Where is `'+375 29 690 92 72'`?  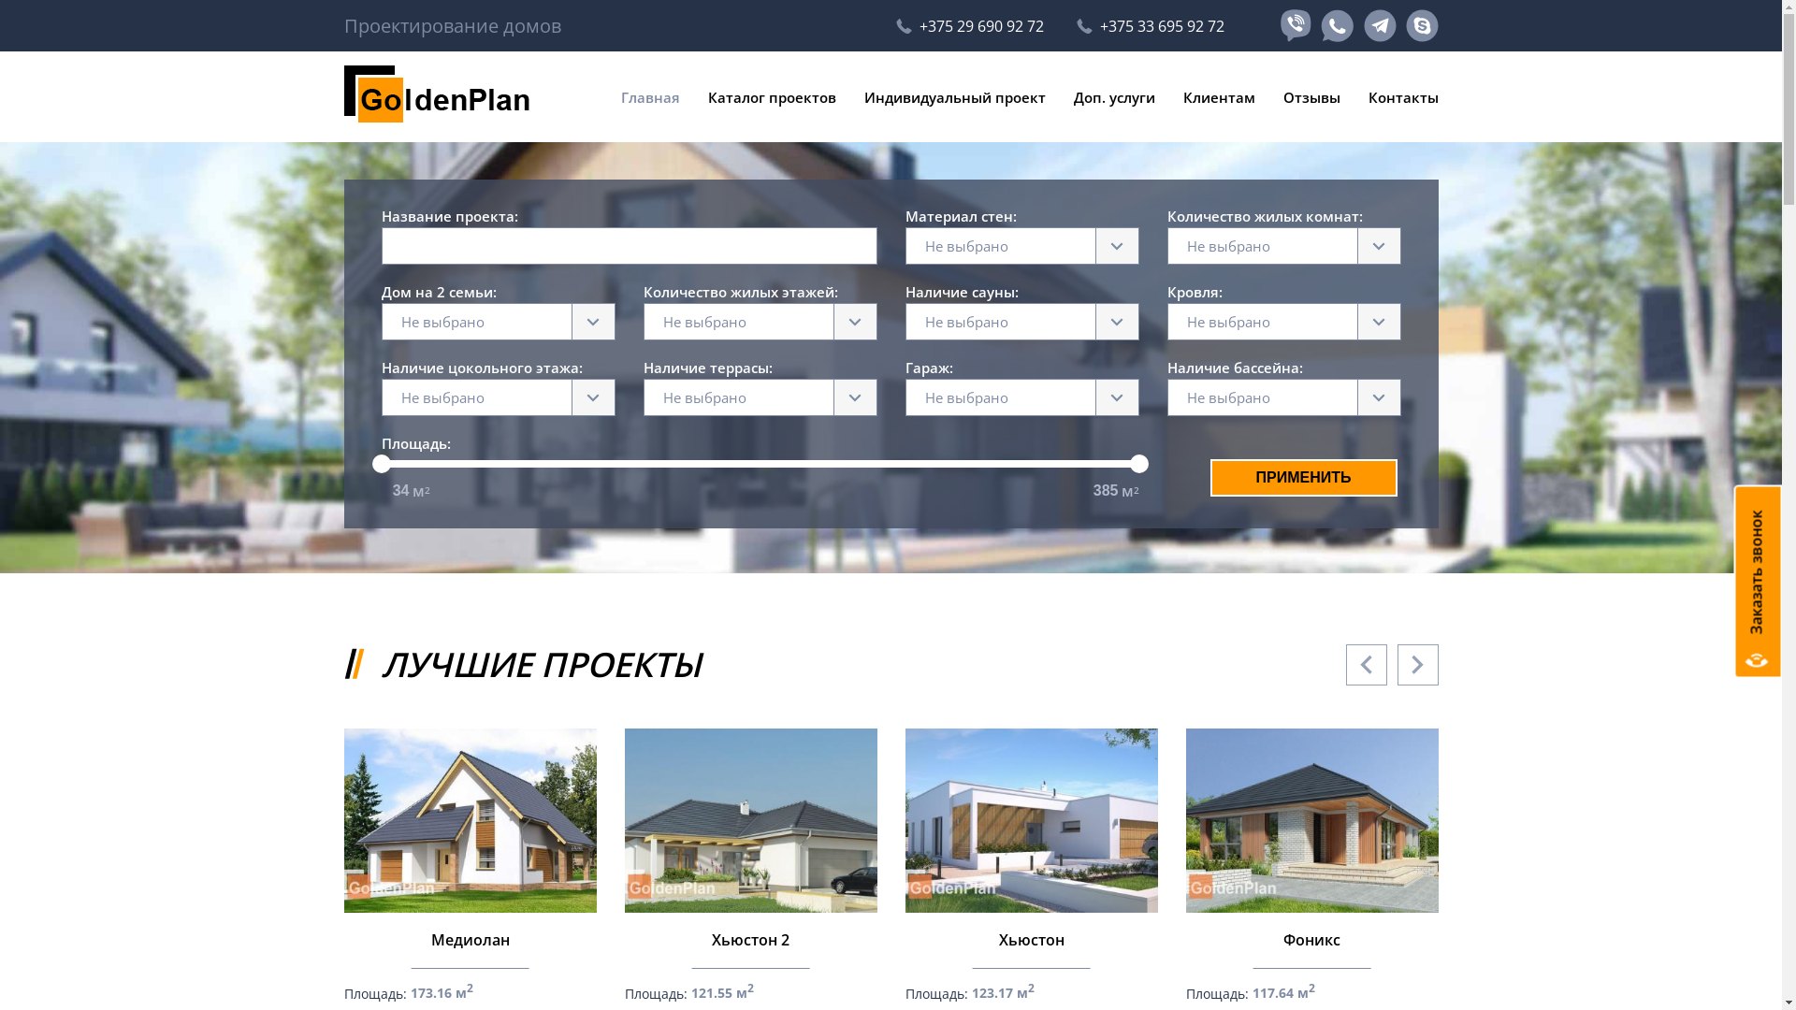
'+375 29 690 92 72' is located at coordinates (895, 25).